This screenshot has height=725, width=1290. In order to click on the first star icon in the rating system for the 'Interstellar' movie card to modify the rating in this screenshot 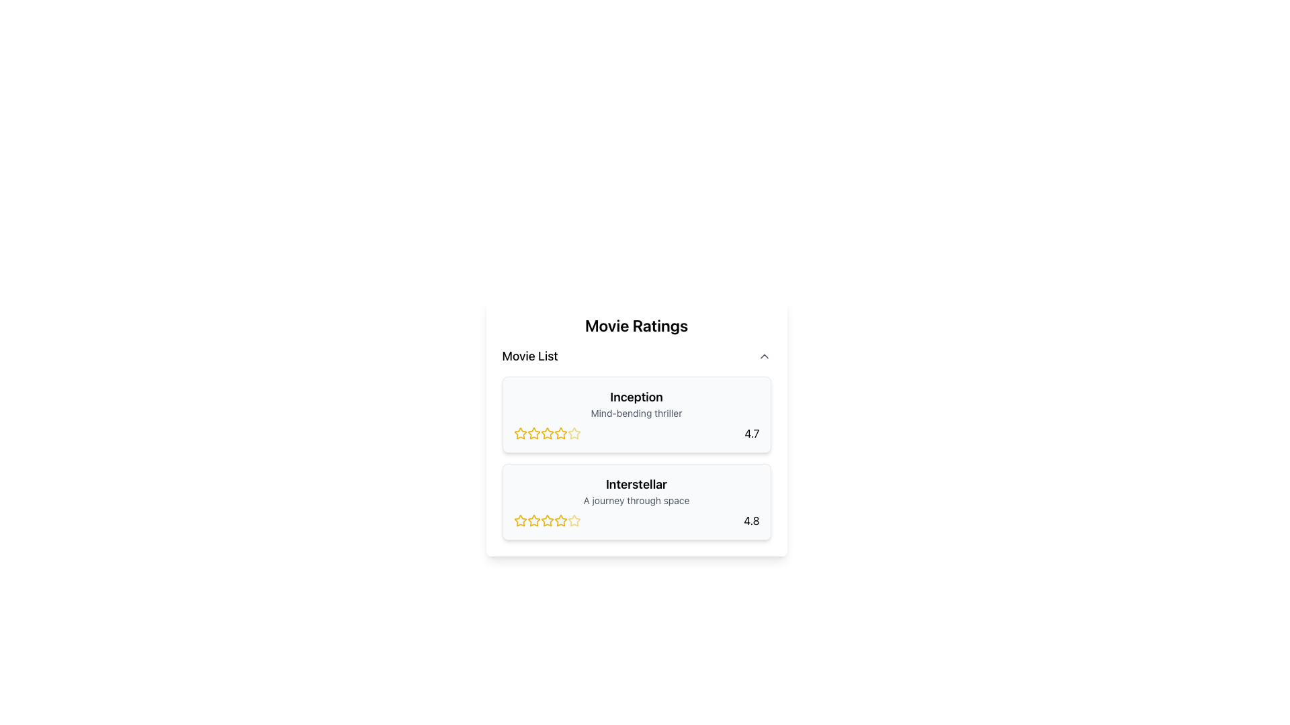, I will do `click(533, 520)`.